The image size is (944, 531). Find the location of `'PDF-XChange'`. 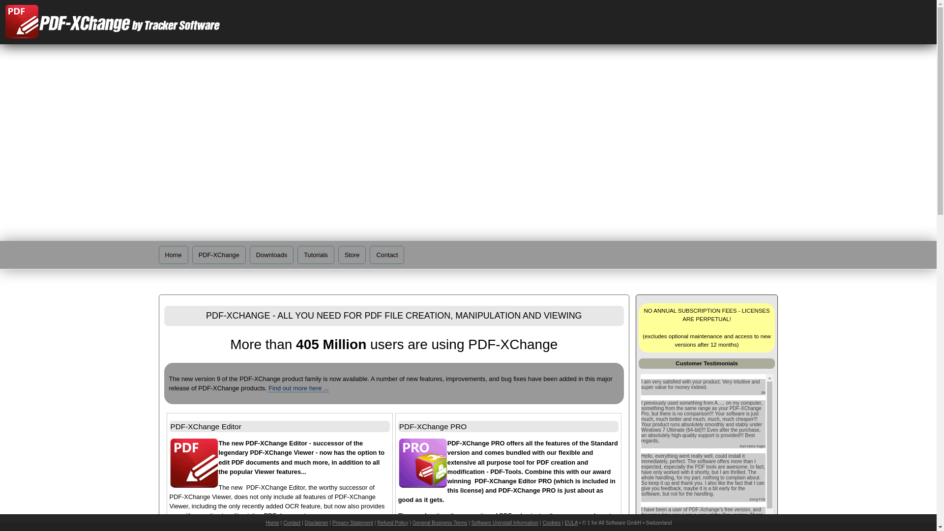

'PDF-XChange' is located at coordinates (192, 254).